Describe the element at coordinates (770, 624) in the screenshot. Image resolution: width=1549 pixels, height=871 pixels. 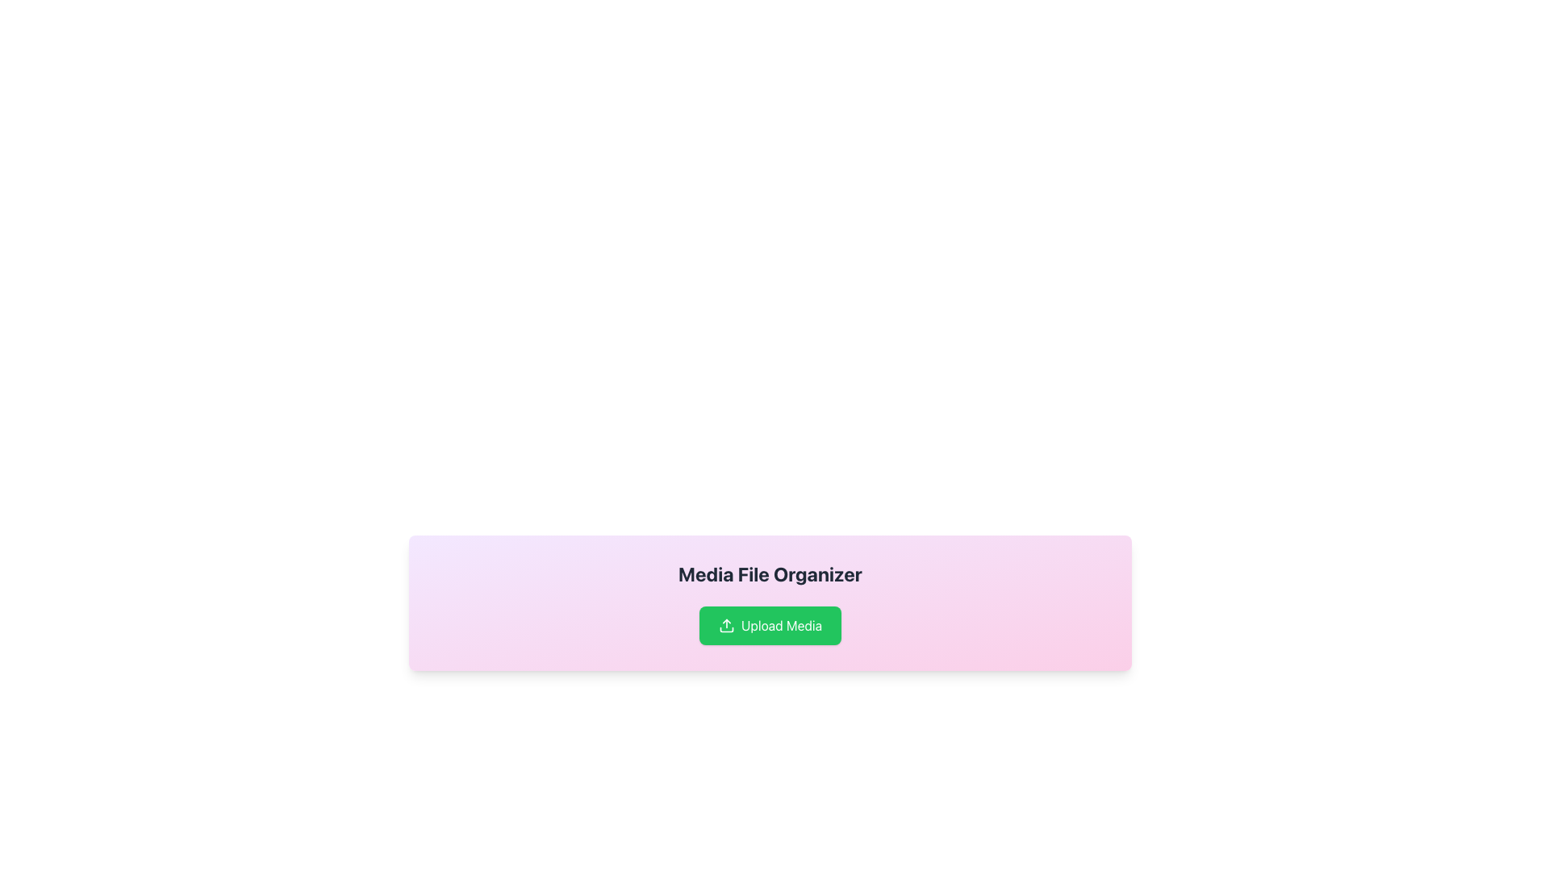
I see `the green 'Upload Media' button with white text and an upward-pointing arrow icon` at that location.